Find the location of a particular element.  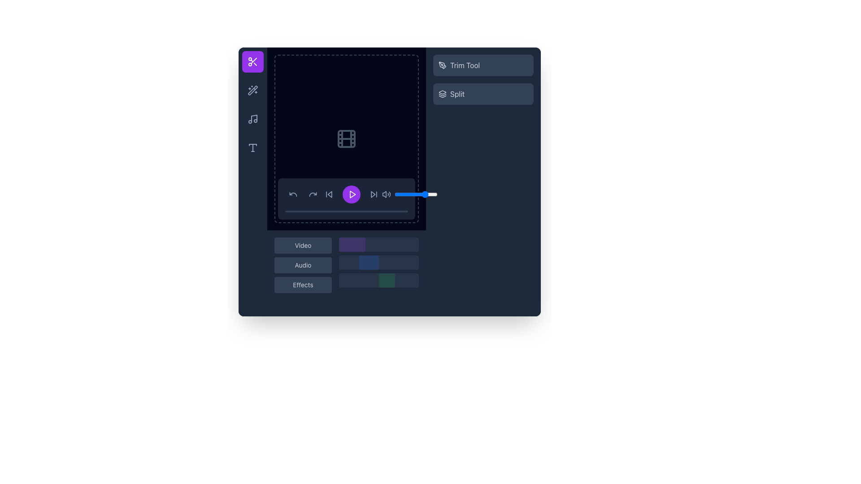

the play button icon located within the purple circular button in the media control toolbar at the center-bottom of the interface is located at coordinates (352, 194).